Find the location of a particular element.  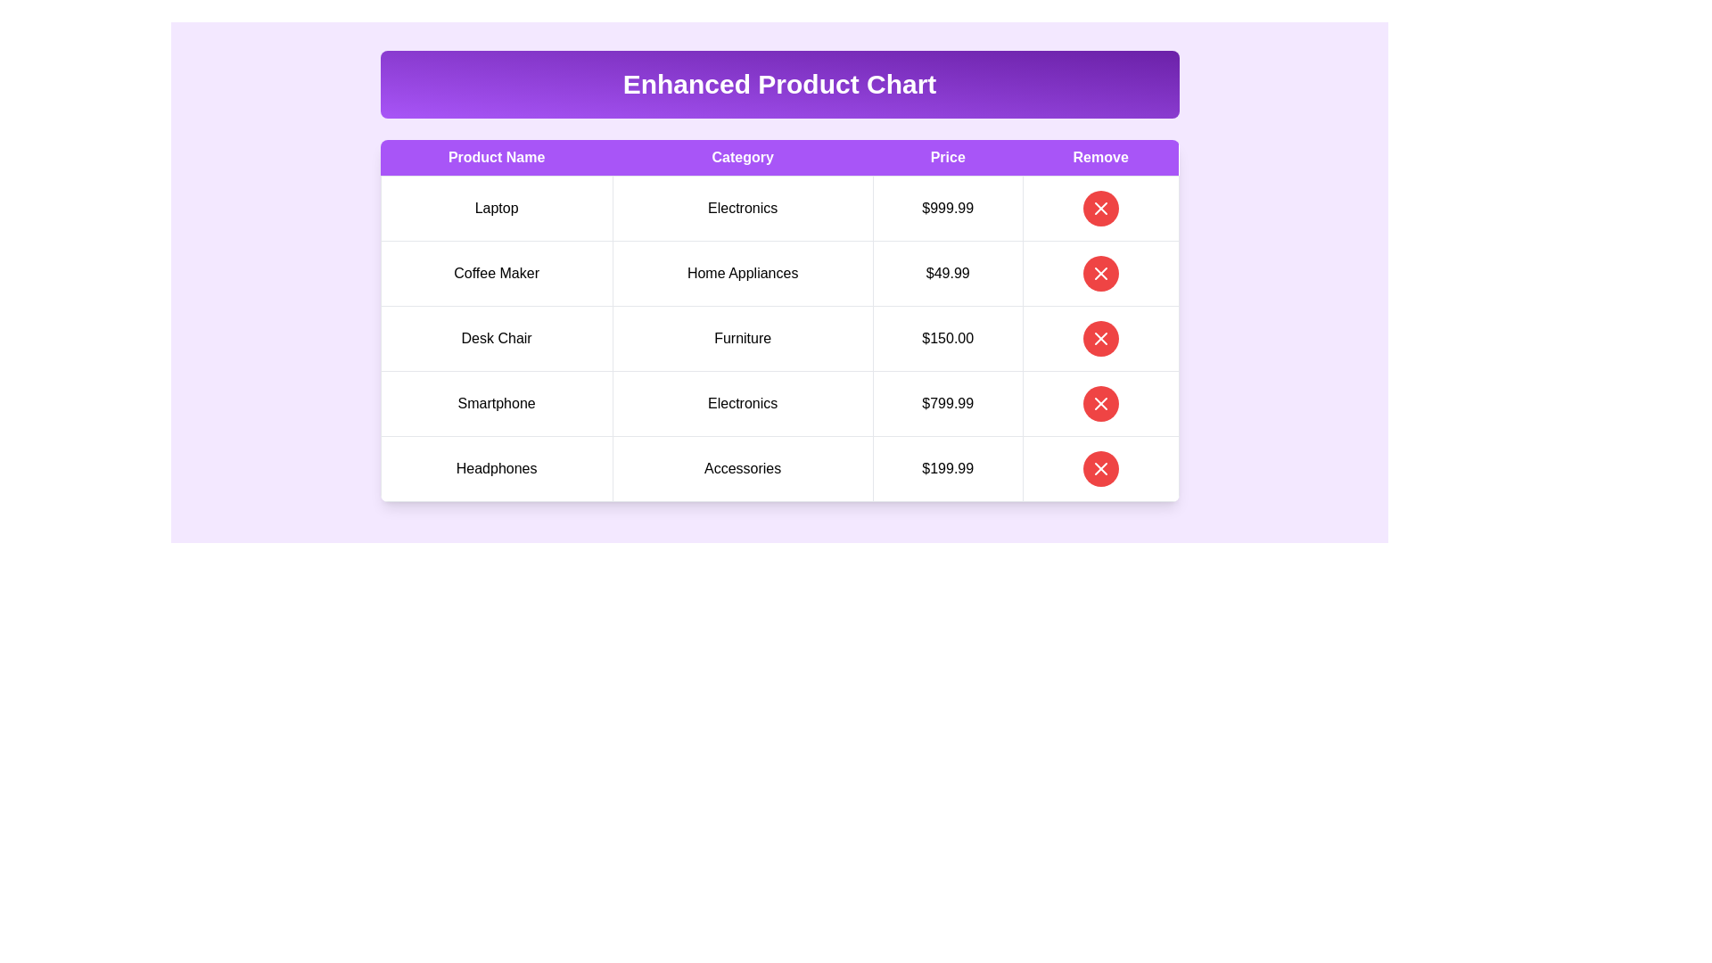

the text label 'Smartphone' located in the fourth row of the product chart under the 'Product Name' column is located at coordinates (497, 403).